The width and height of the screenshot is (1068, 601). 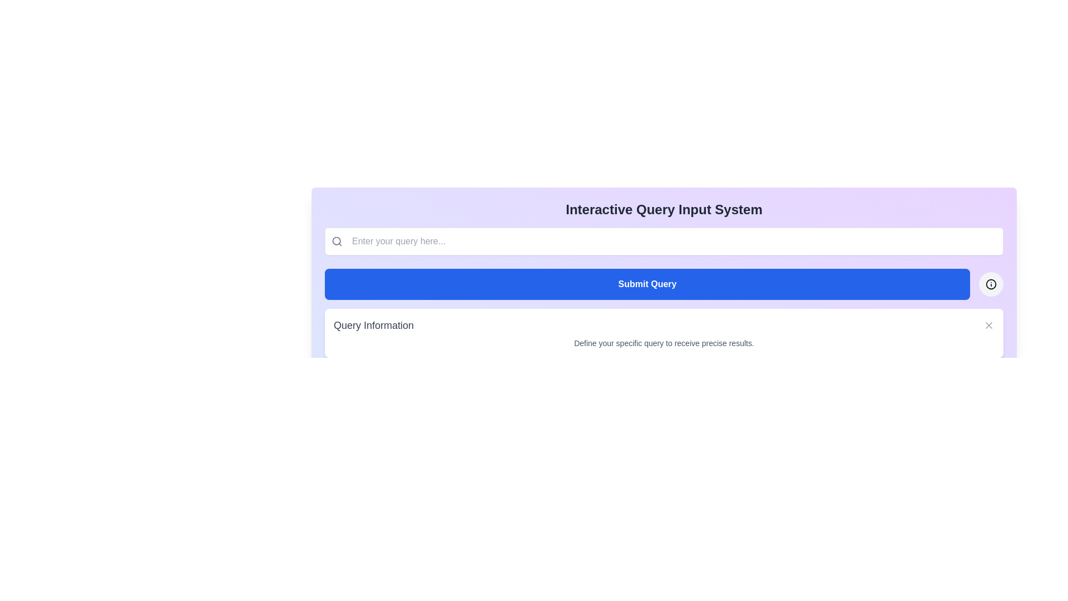 I want to click on the circular part of the magnifying glass icon located at the left side of the search input field, so click(x=336, y=240).